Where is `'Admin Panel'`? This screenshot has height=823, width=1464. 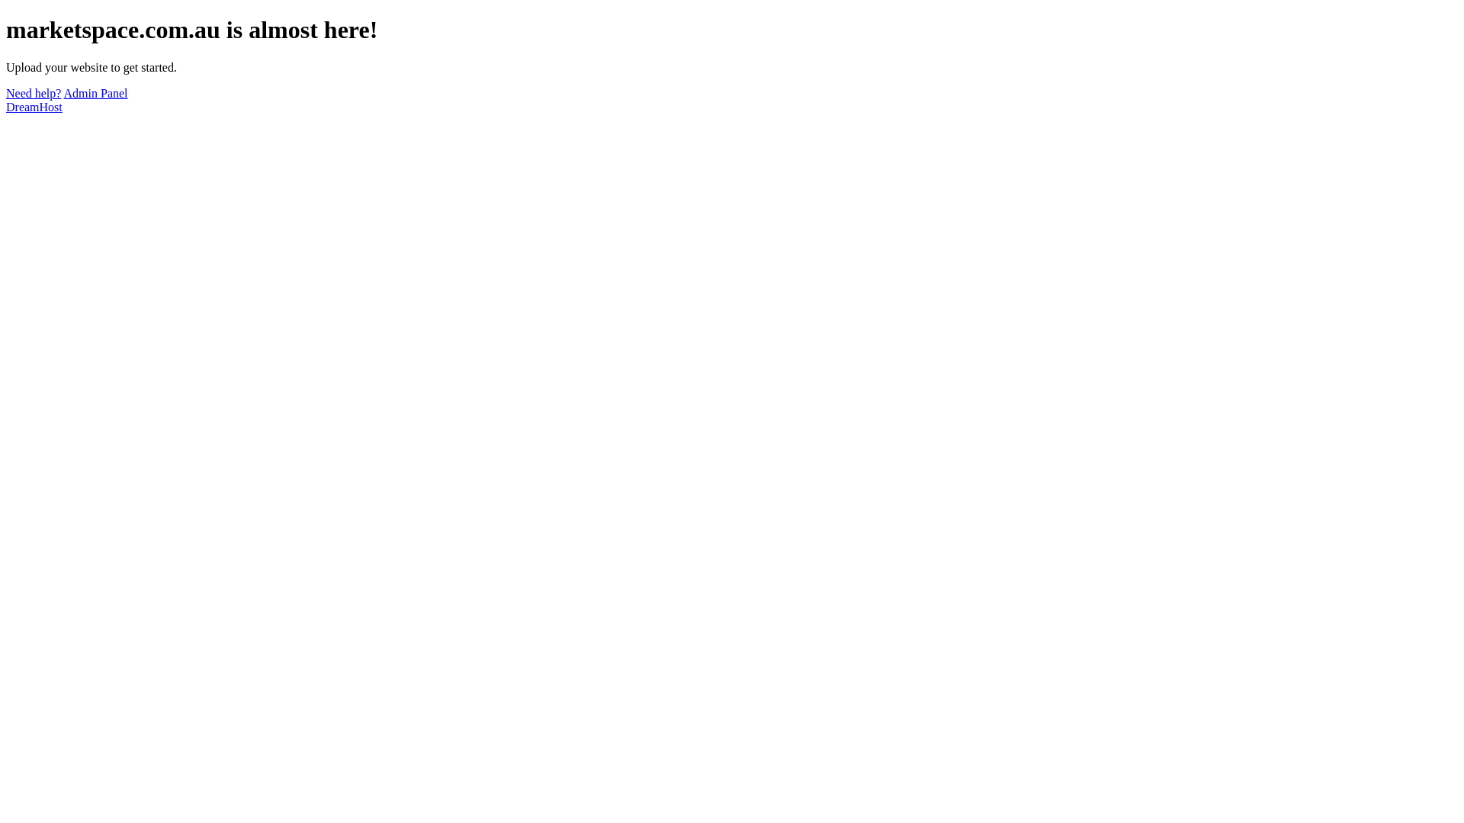 'Admin Panel' is located at coordinates (95, 93).